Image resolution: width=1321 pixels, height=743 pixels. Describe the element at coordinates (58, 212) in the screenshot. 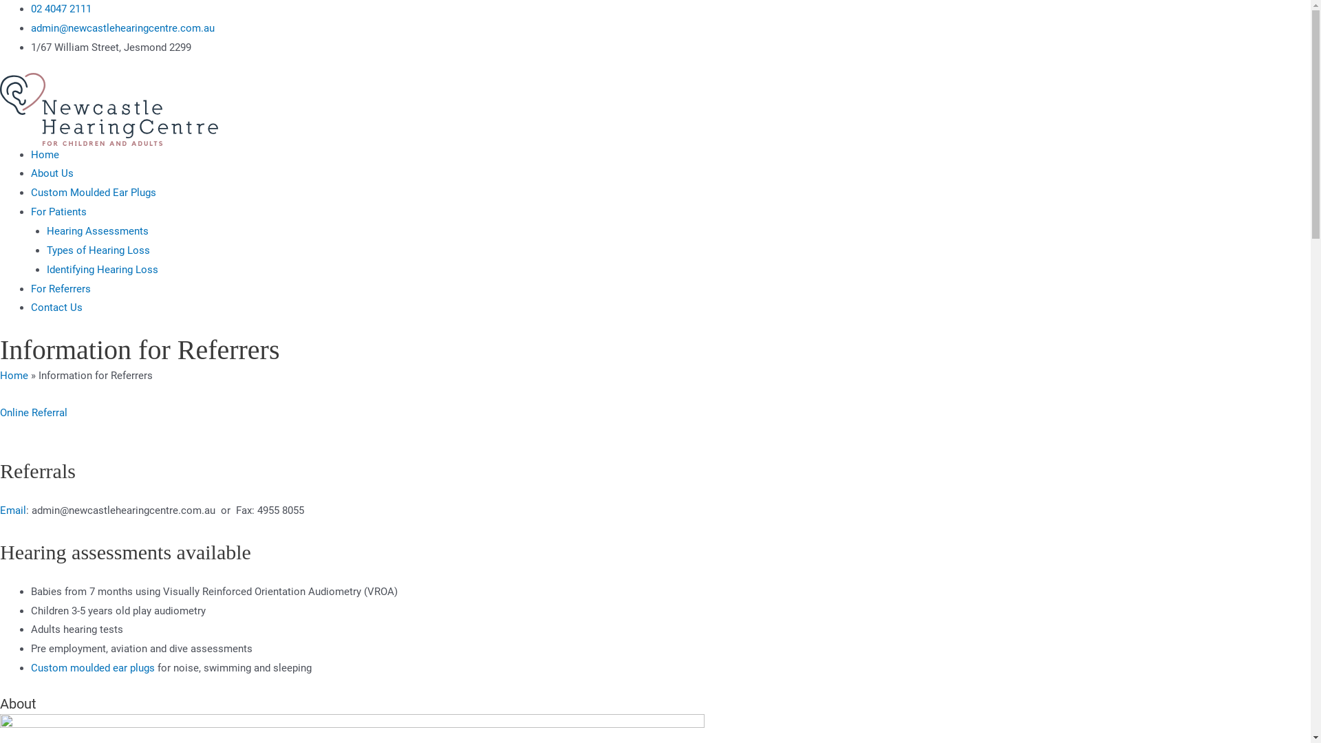

I see `'For Patients'` at that location.